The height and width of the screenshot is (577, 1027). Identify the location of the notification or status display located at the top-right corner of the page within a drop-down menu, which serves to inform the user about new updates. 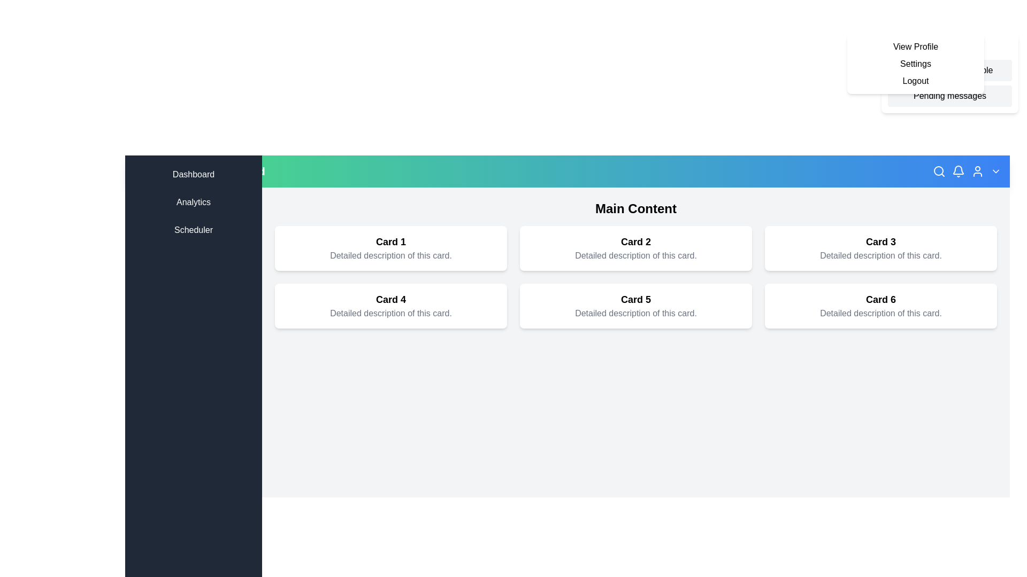
(950, 70).